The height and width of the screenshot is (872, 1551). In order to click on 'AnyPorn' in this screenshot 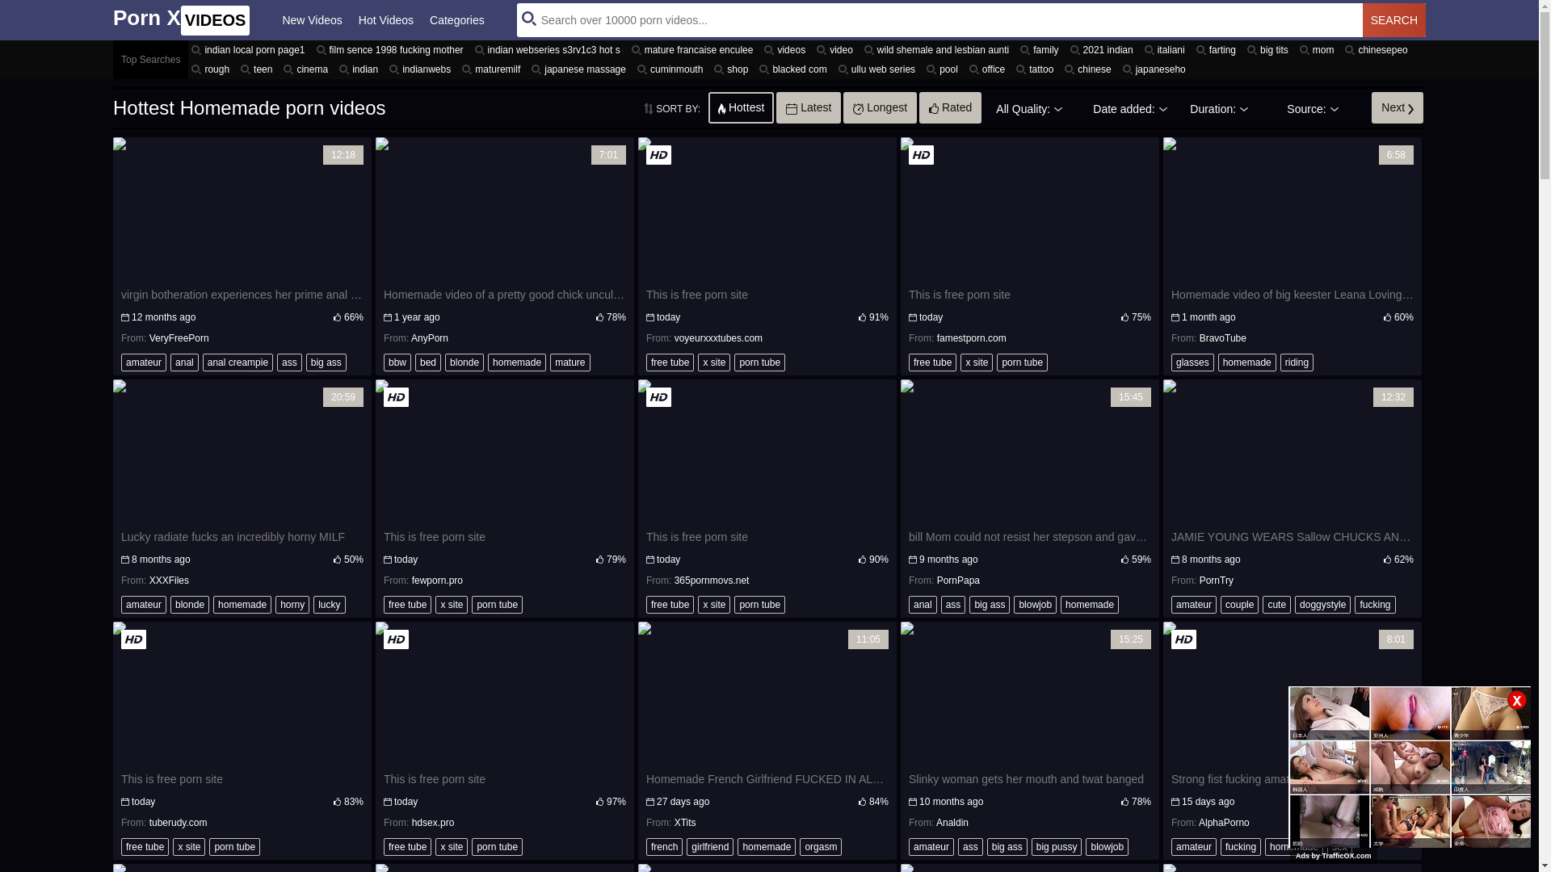, I will do `click(430, 337)`.